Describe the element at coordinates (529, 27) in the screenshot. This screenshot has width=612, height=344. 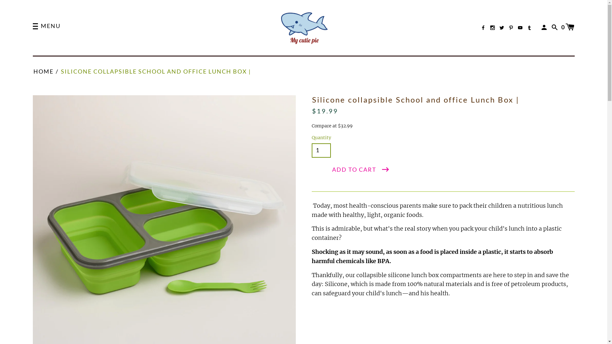
I see `'My Cutie Pie on Tumblr'` at that location.